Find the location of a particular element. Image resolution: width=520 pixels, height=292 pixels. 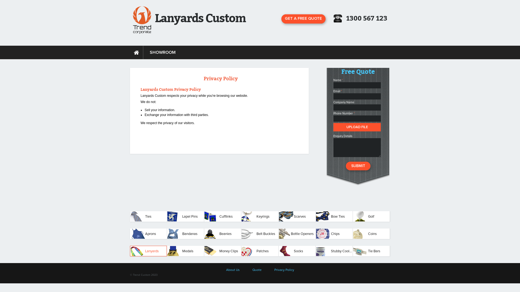

'Golf' is located at coordinates (371, 216).